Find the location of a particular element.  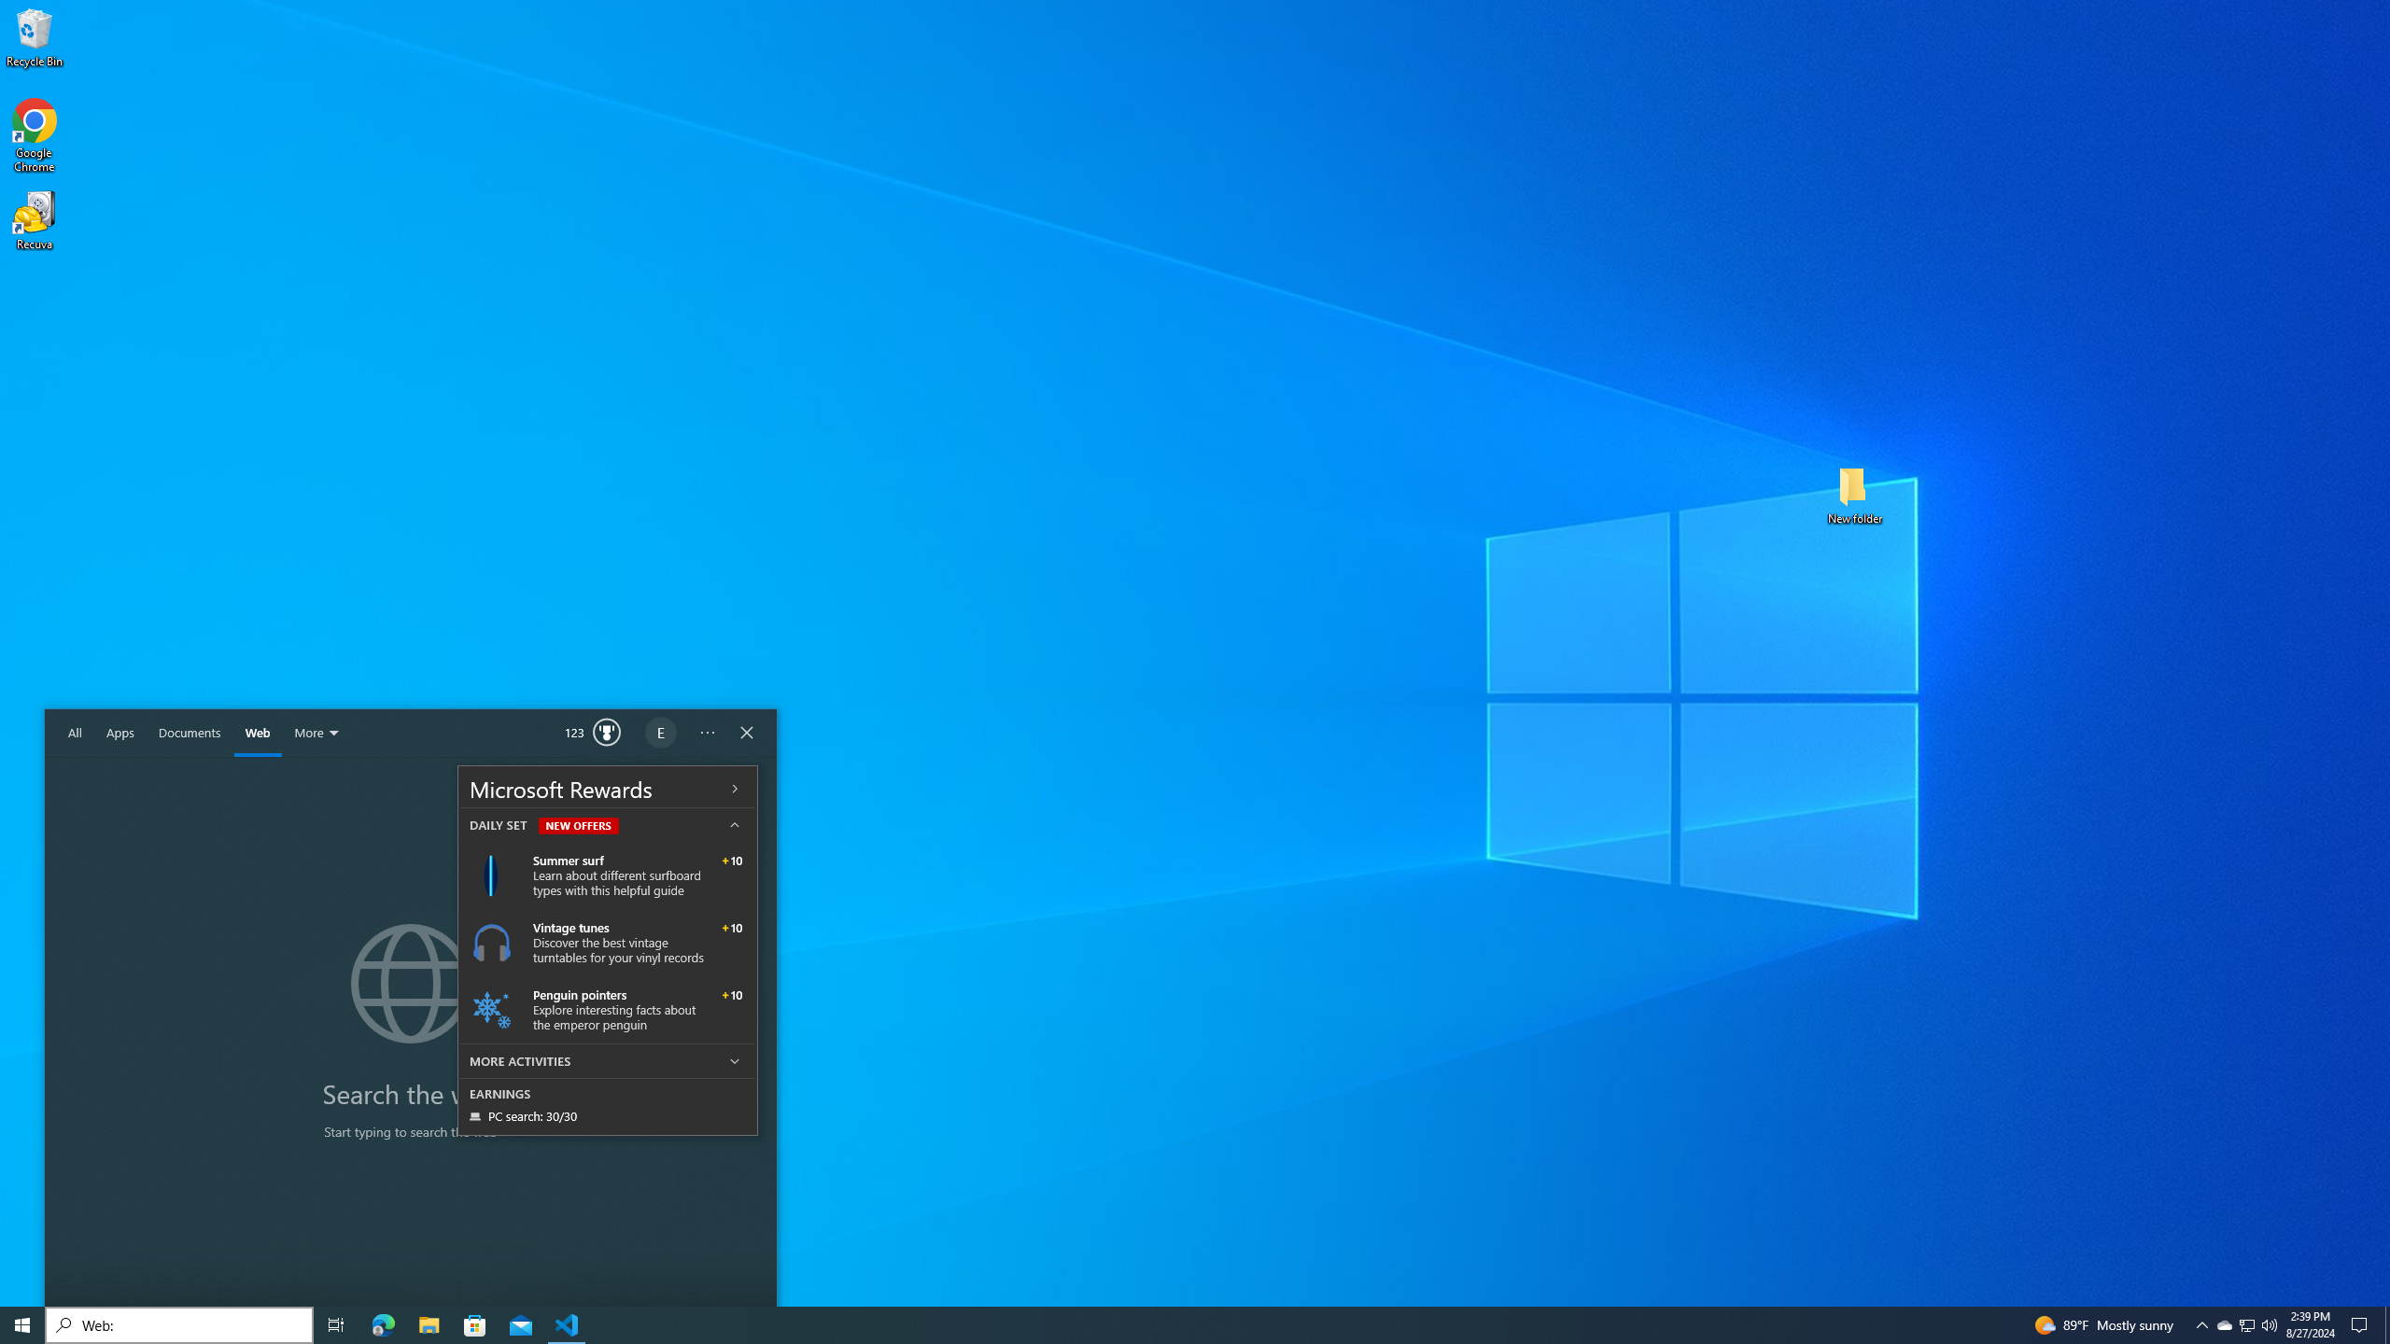

'All' is located at coordinates (75, 733).